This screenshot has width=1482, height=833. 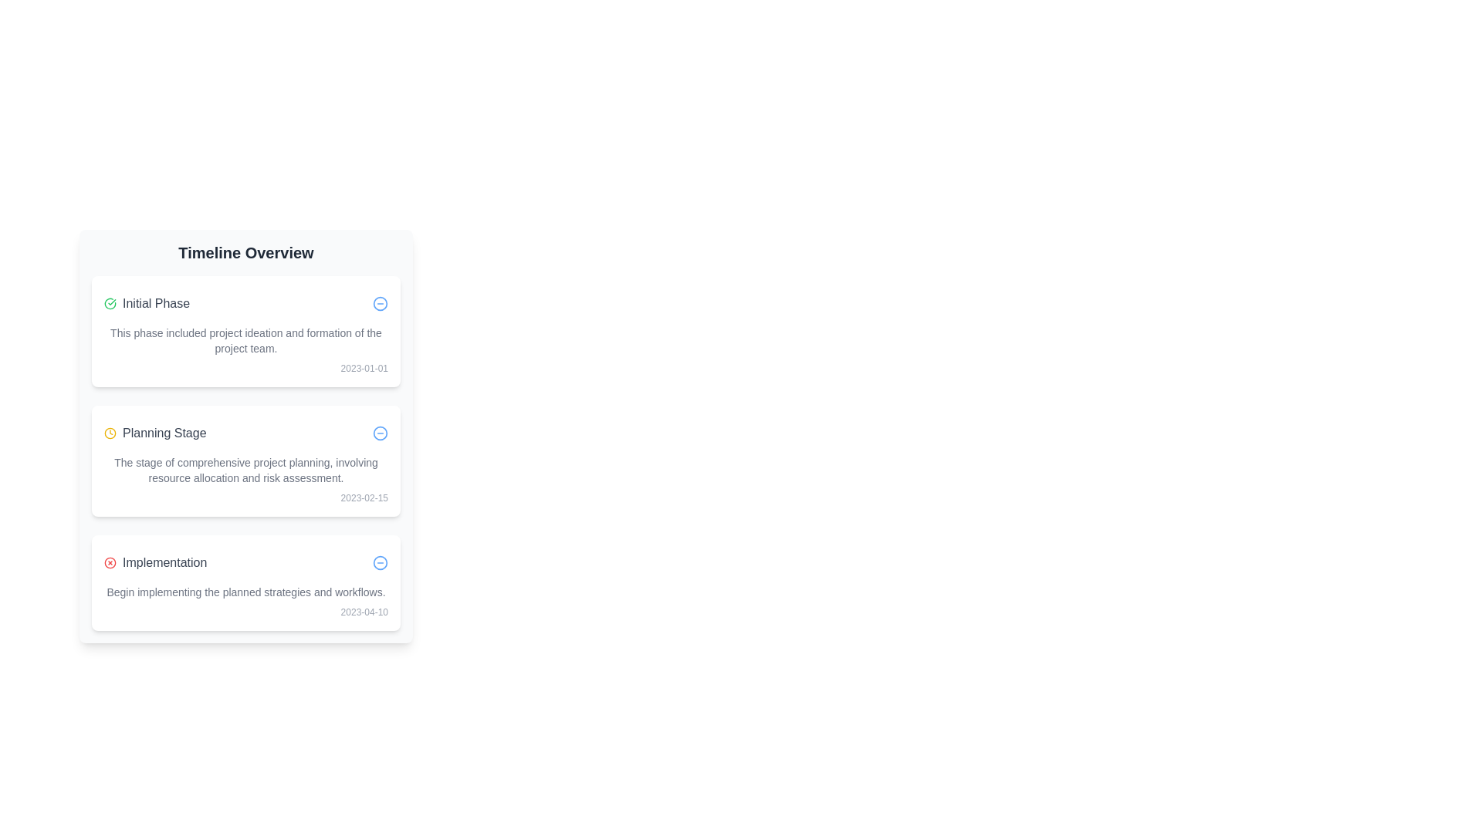 What do you see at coordinates (110, 303) in the screenshot?
I see `the state of the icon that indicates the completion of the 'Initial Phase' in the timeline, located immediately to the left of the 'Initial Phase' text` at bounding box center [110, 303].